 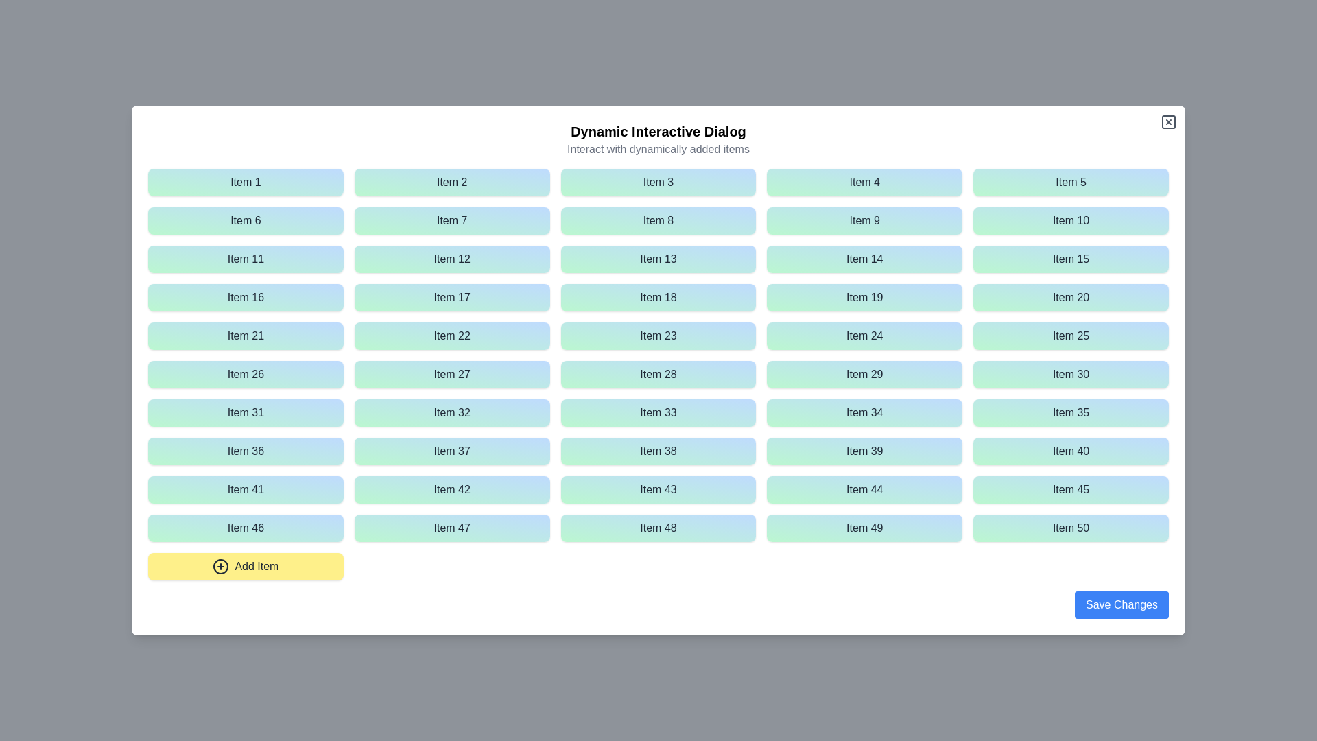 What do you see at coordinates (1122, 604) in the screenshot?
I see `the 'Save Changes' button` at bounding box center [1122, 604].